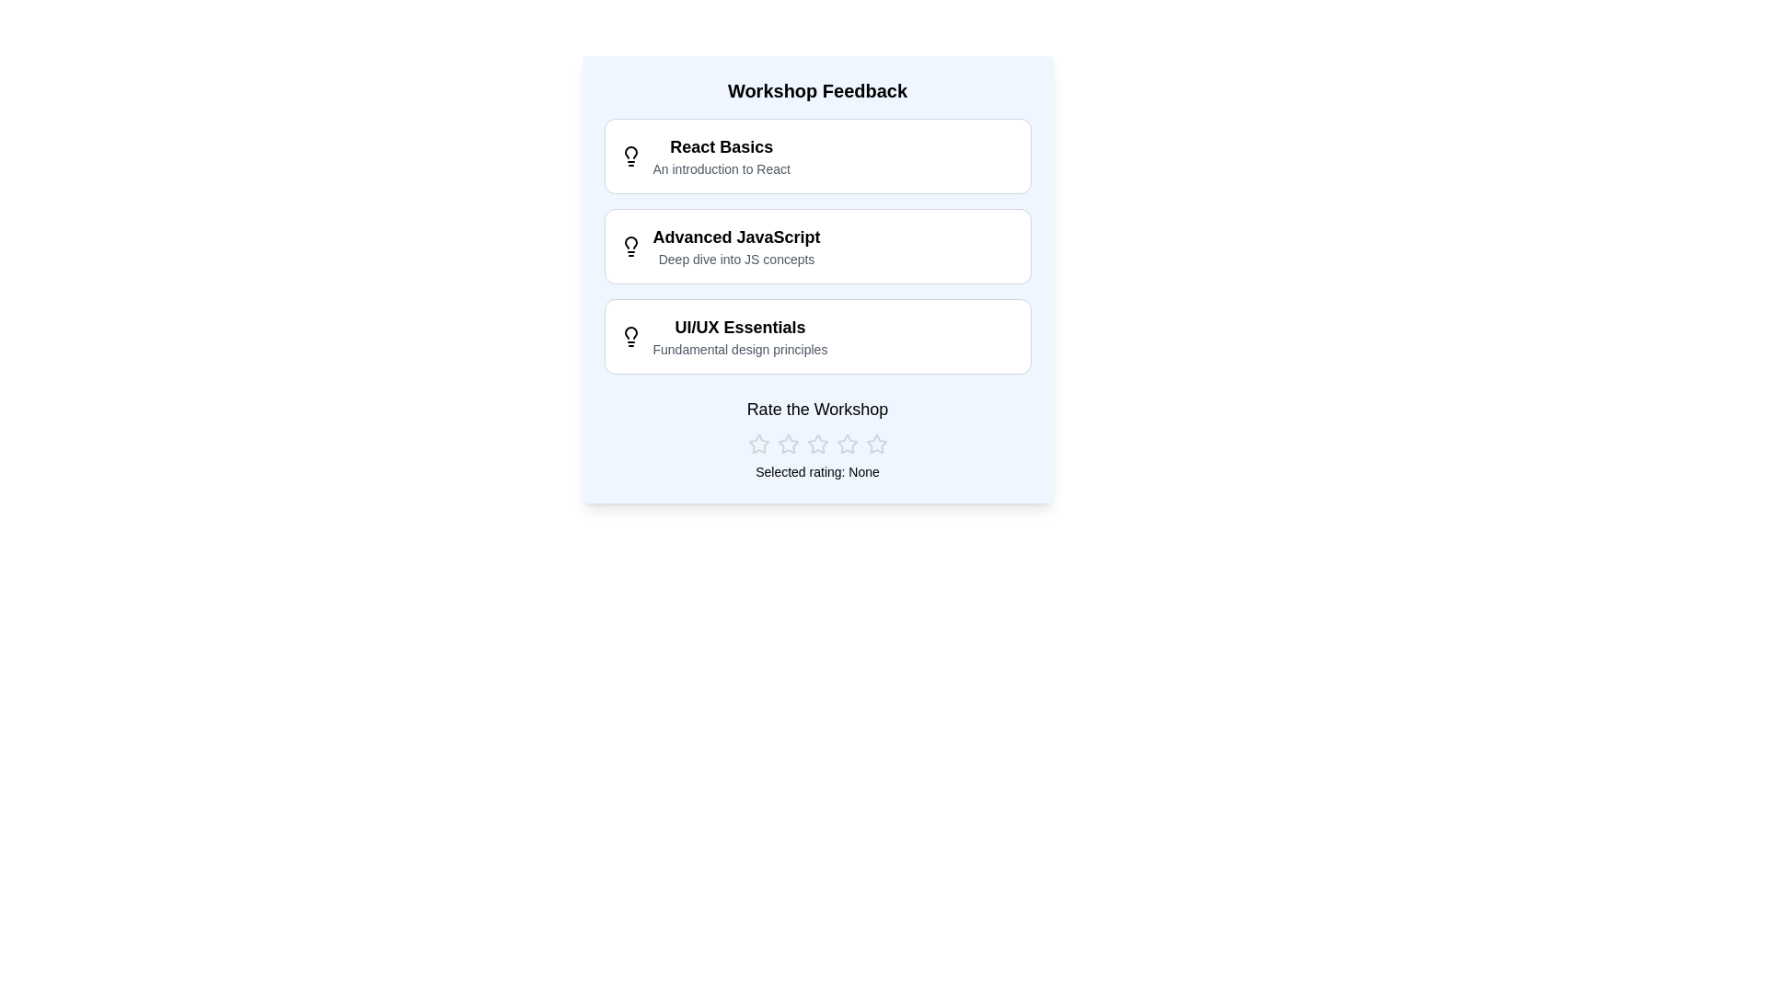 Image resolution: width=1767 pixels, height=994 pixels. Describe the element at coordinates (721, 145) in the screenshot. I see `the 'React Basics' text label which is bold and larger than regular text, located at the top of a list of workshop titles` at that location.